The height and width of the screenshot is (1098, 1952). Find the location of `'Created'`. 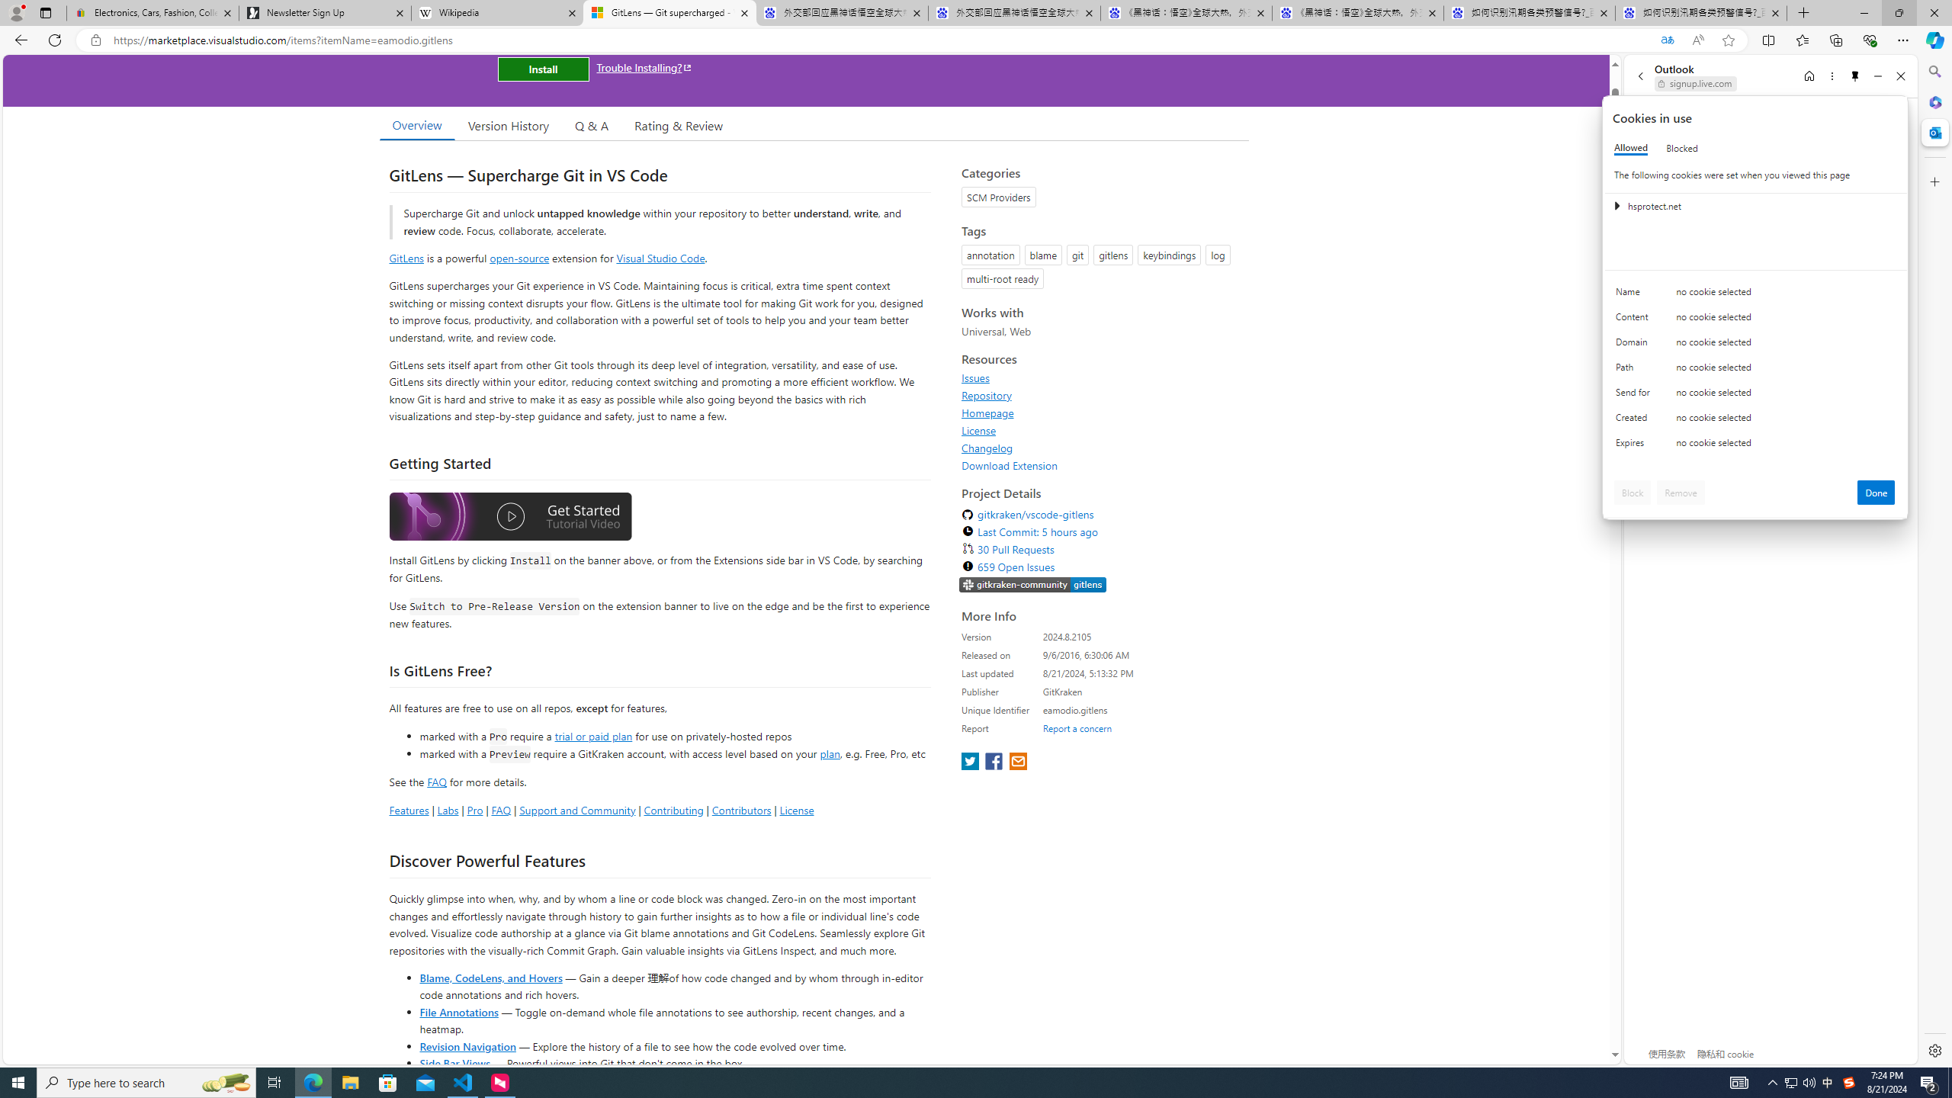

'Created' is located at coordinates (1635, 420).